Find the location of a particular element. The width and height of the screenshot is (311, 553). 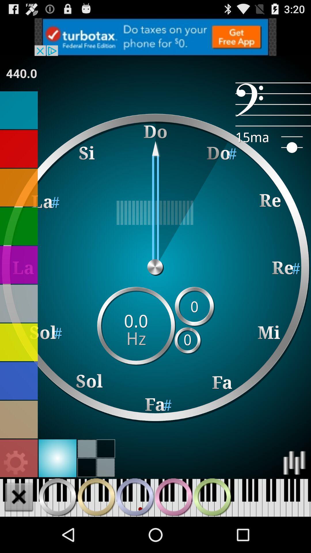

settings wheel is located at coordinates (18, 458).